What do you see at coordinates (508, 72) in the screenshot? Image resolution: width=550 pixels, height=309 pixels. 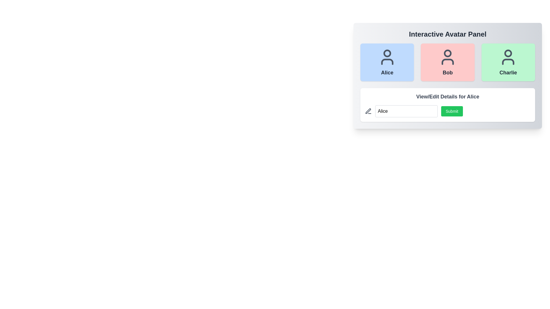 I see `the text label displaying the name 'Charlie' within the card in the 'Interactive Avatar Panel.'` at bounding box center [508, 72].